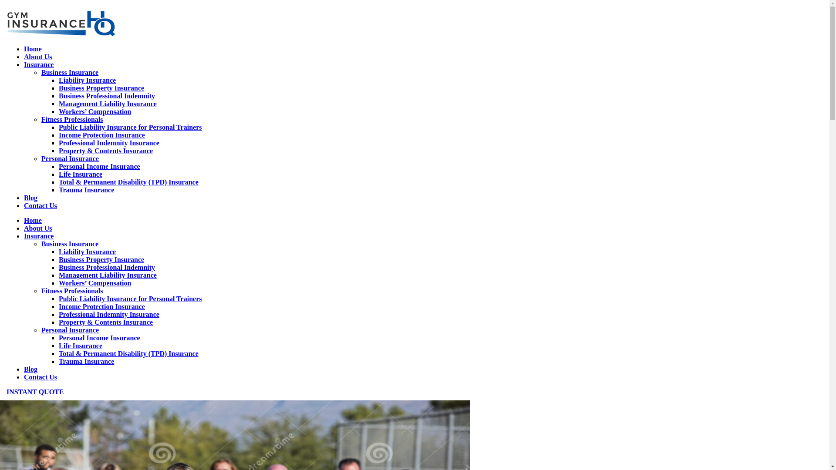 The image size is (836, 470). Describe the element at coordinates (106, 96) in the screenshot. I see `'Business Professional Indemnity'` at that location.